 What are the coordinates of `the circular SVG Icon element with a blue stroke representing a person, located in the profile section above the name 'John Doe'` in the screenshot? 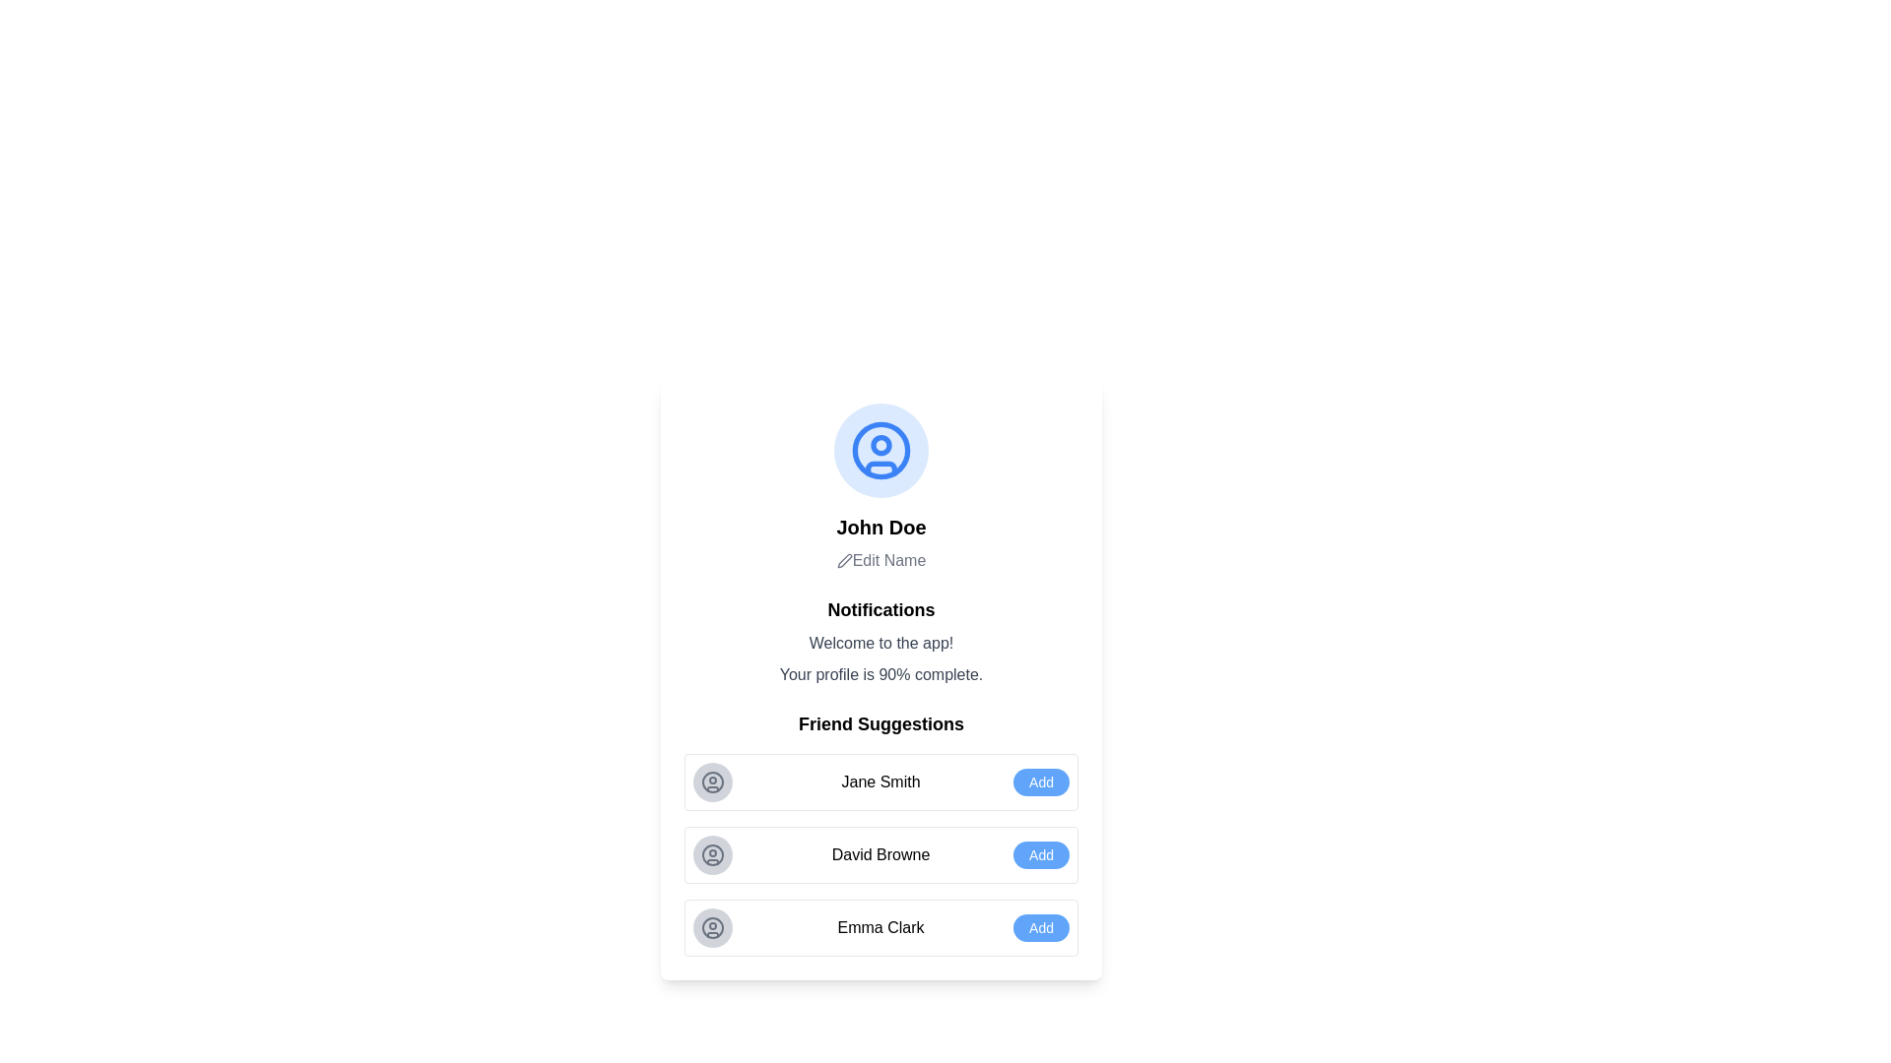 It's located at (880, 451).